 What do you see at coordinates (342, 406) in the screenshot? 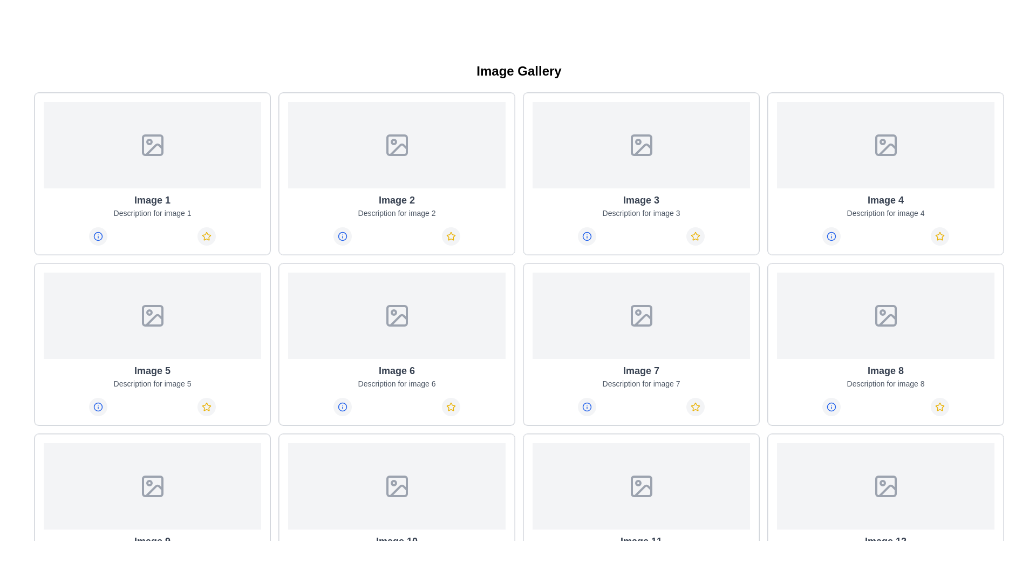
I see `the small circular blue 'info' icon located under the sixth image in a 3x4 grid layout of an image gallery` at bounding box center [342, 406].